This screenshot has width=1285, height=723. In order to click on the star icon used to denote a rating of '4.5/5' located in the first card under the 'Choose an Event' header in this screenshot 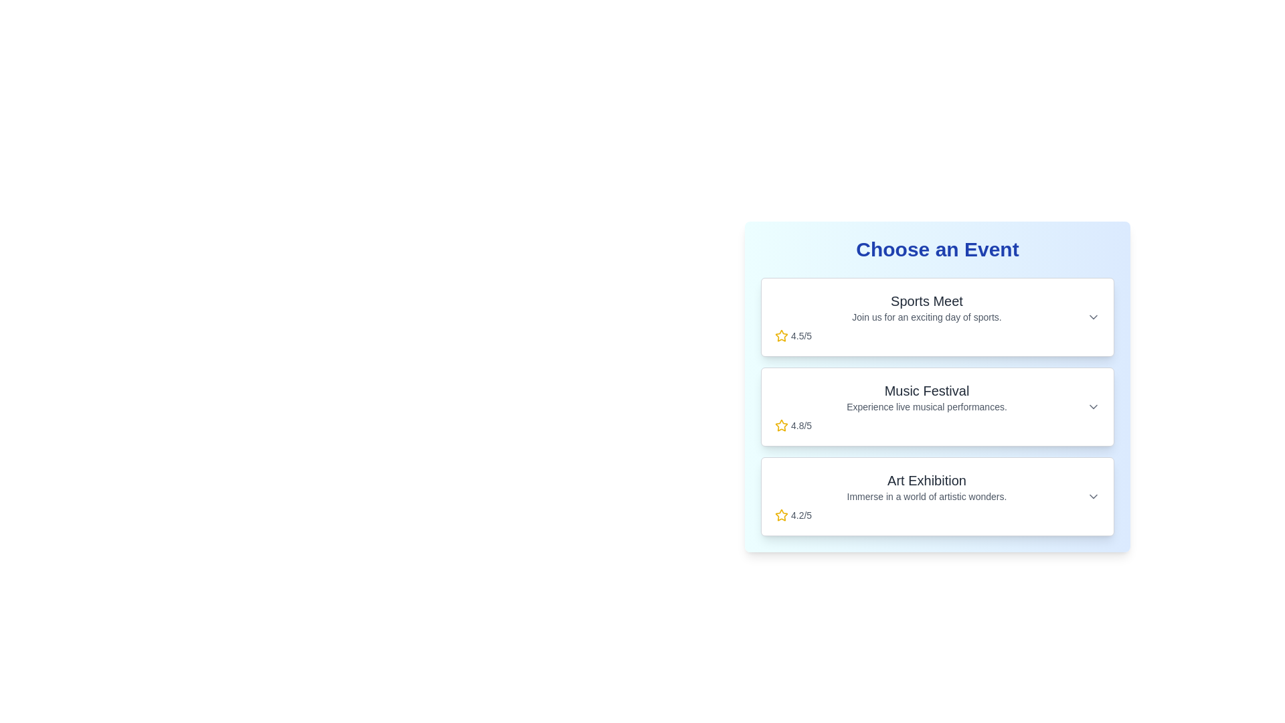, I will do `click(781, 335)`.